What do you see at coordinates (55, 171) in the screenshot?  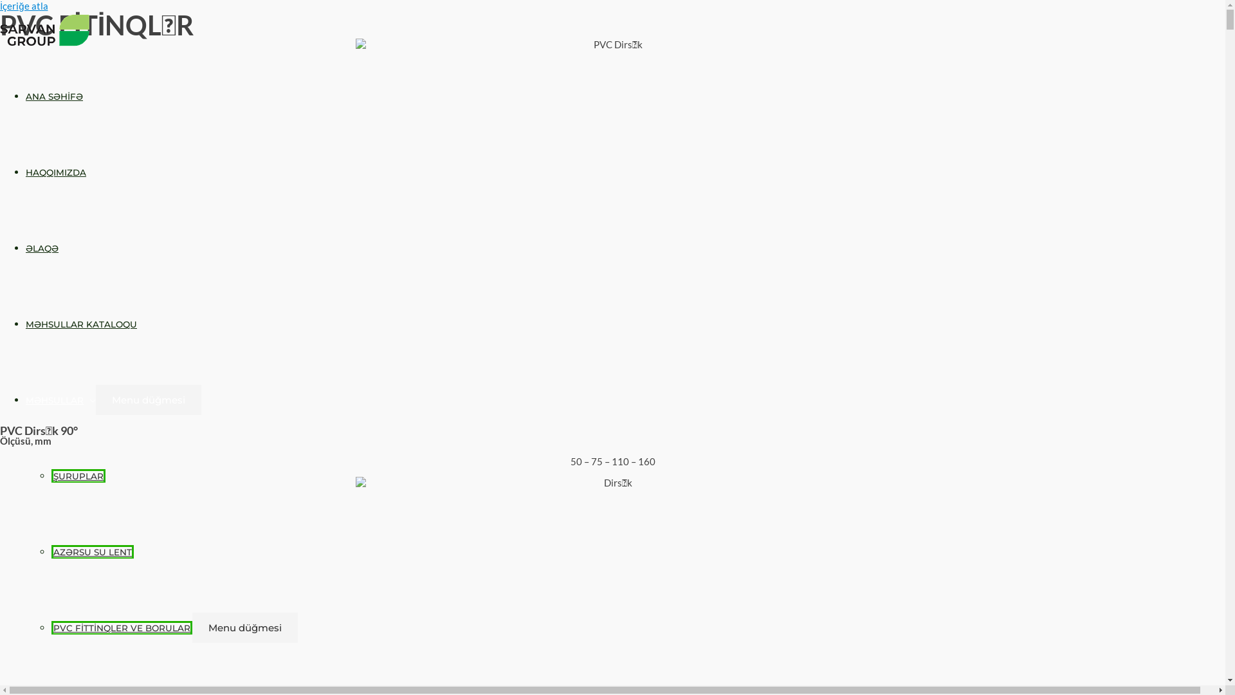 I see `'HAQQIMIZDA'` at bounding box center [55, 171].